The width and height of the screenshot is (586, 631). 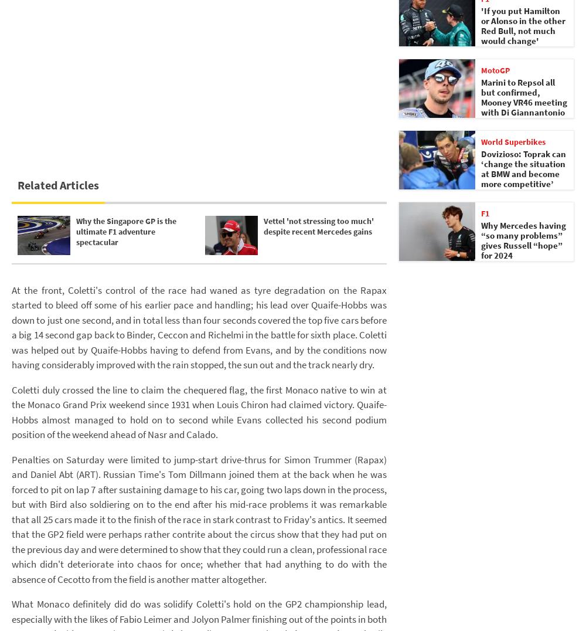 I want to click on 'Dovizioso: Toprak can ‘change the situation at BMW and become more competitive’', so click(x=481, y=168).